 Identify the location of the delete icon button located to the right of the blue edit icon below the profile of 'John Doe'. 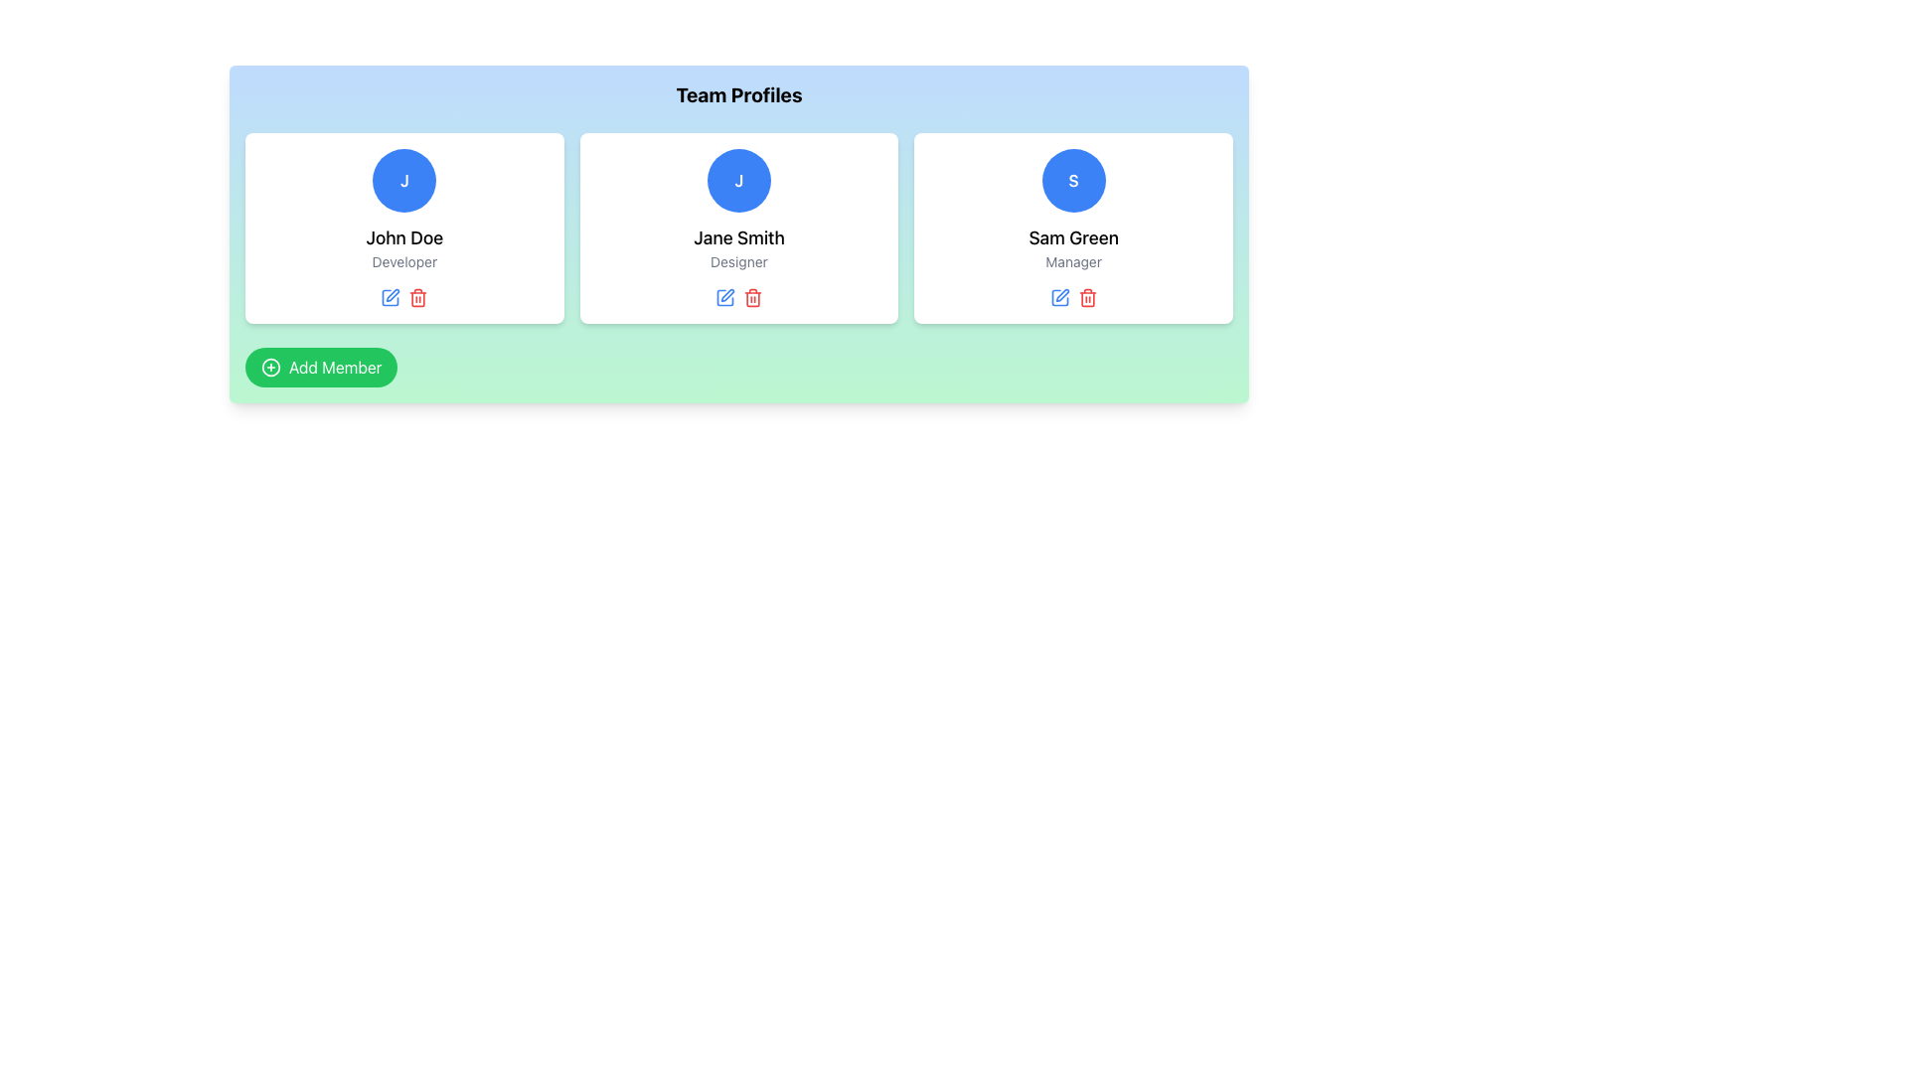
(417, 298).